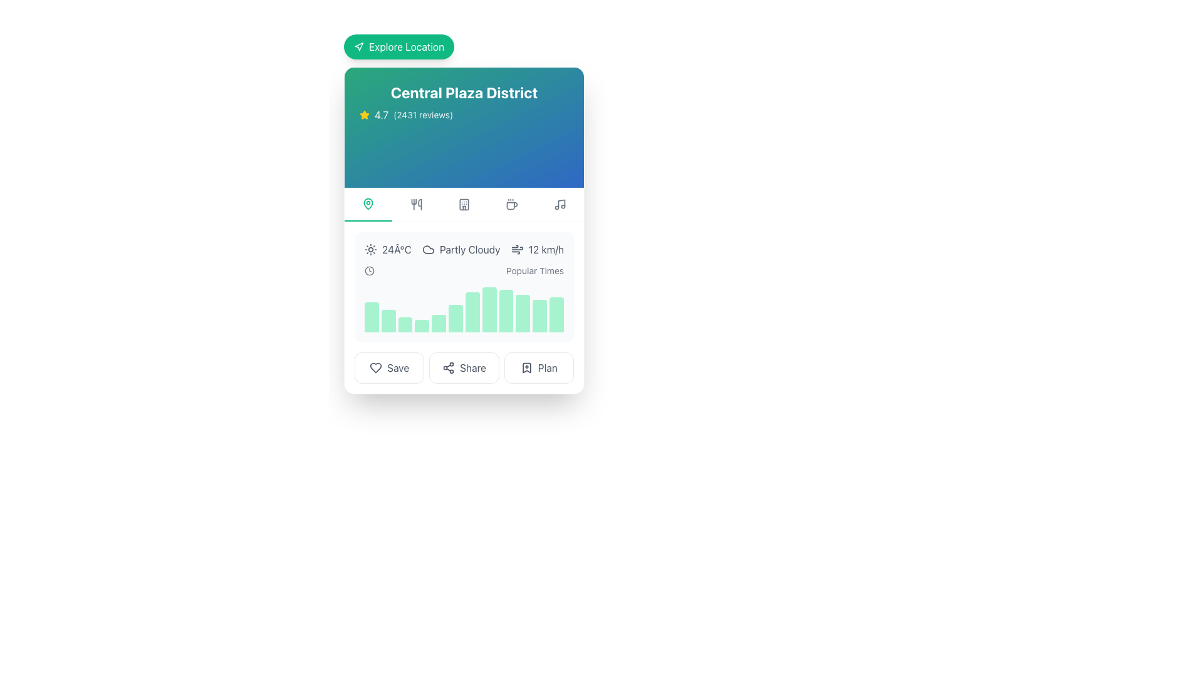 This screenshot has width=1203, height=676. Describe the element at coordinates (523, 313) in the screenshot. I see `the 10th light green rectangular bar with a rounded top in the horizontal bar graph, which is part of the popular times section` at that location.